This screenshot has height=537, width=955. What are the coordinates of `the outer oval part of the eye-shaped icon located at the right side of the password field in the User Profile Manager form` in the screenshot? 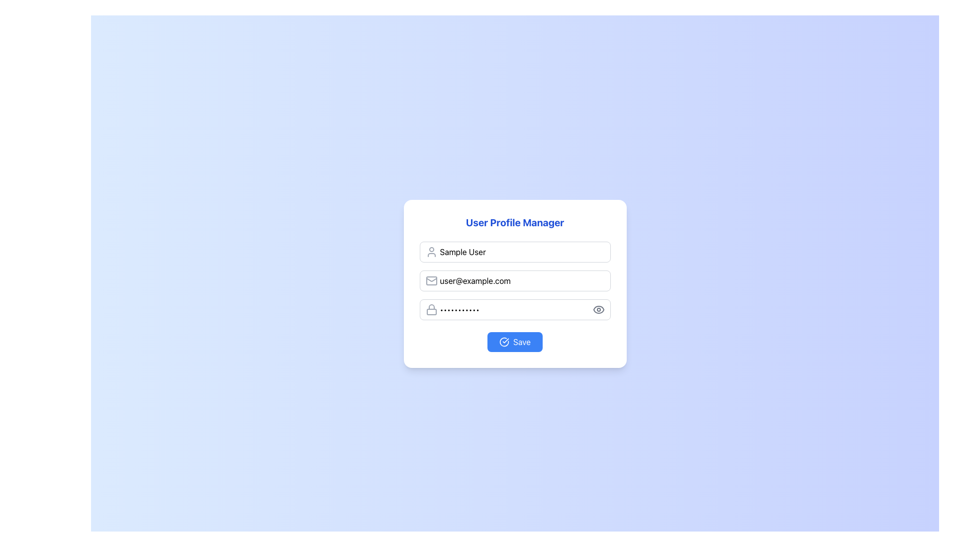 It's located at (598, 309).